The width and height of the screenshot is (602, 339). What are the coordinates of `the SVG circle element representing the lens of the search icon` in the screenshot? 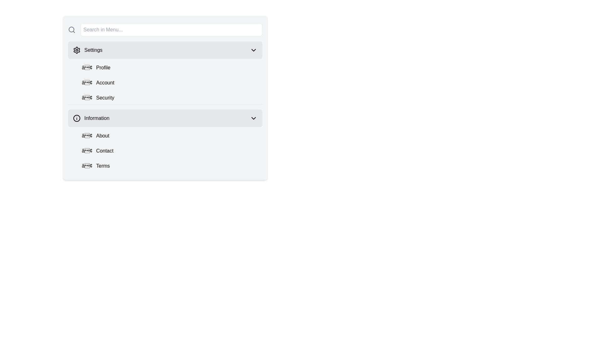 It's located at (71, 29).